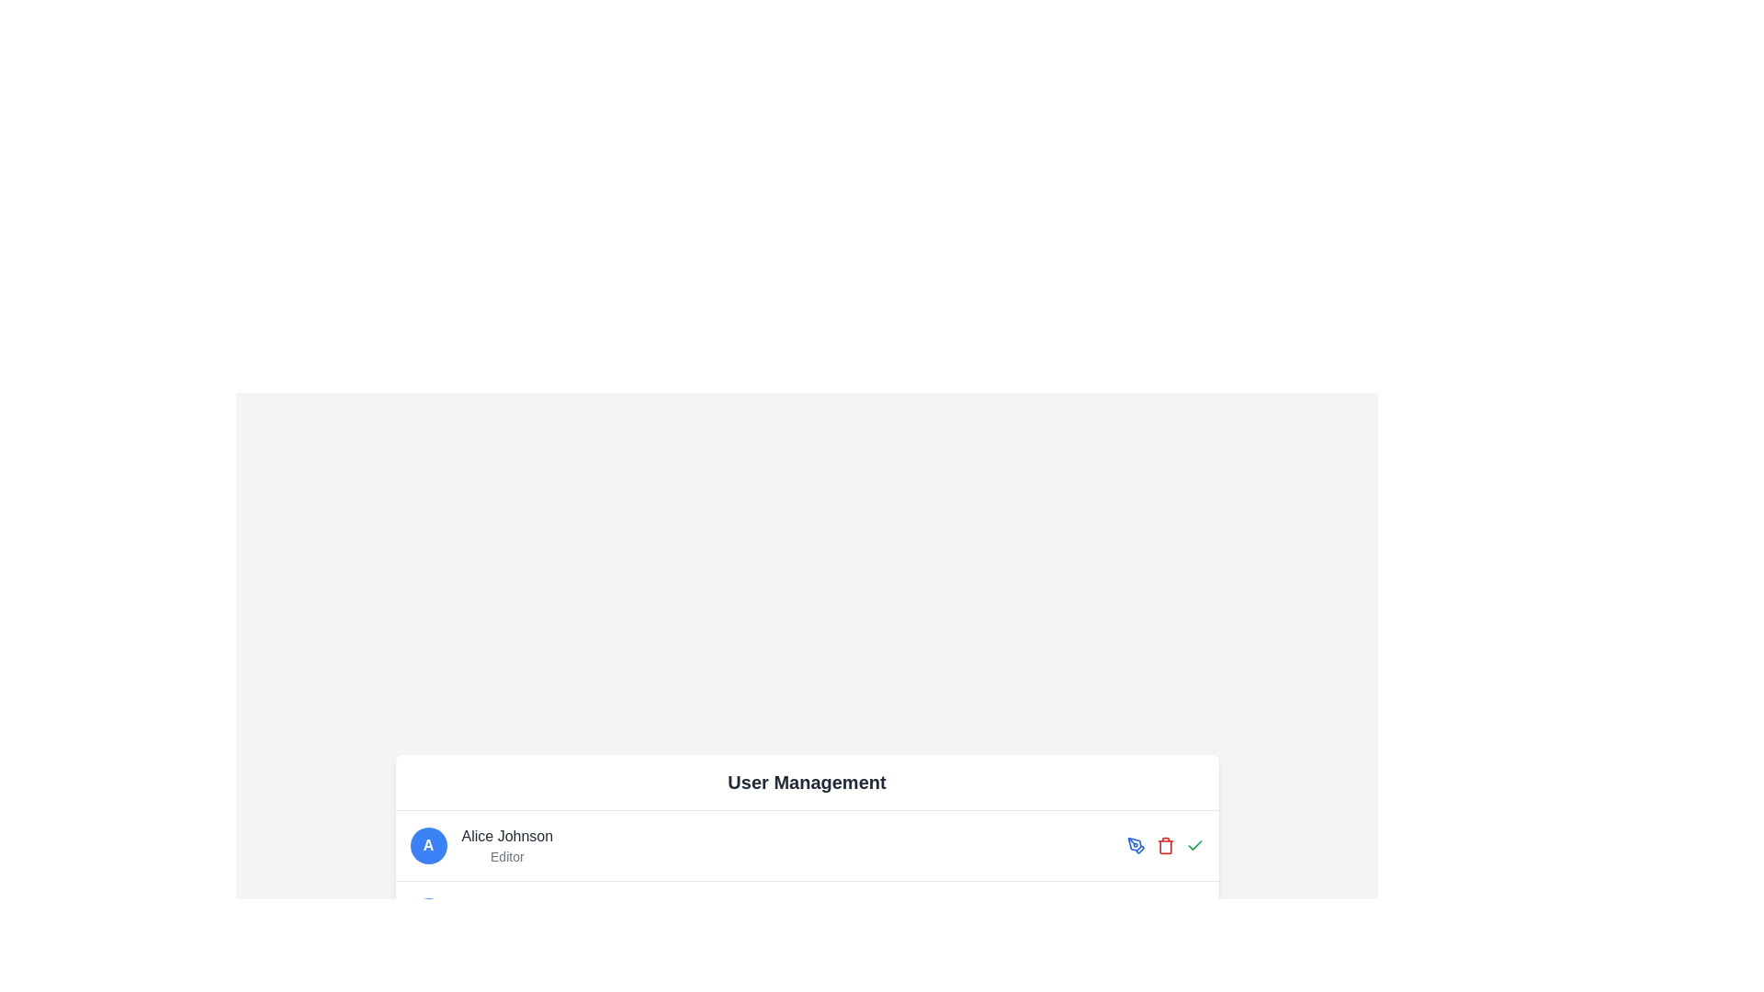 The width and height of the screenshot is (1764, 992). Describe the element at coordinates (1164, 846) in the screenshot. I see `the red trash can icon, which is the second action icon` at that location.